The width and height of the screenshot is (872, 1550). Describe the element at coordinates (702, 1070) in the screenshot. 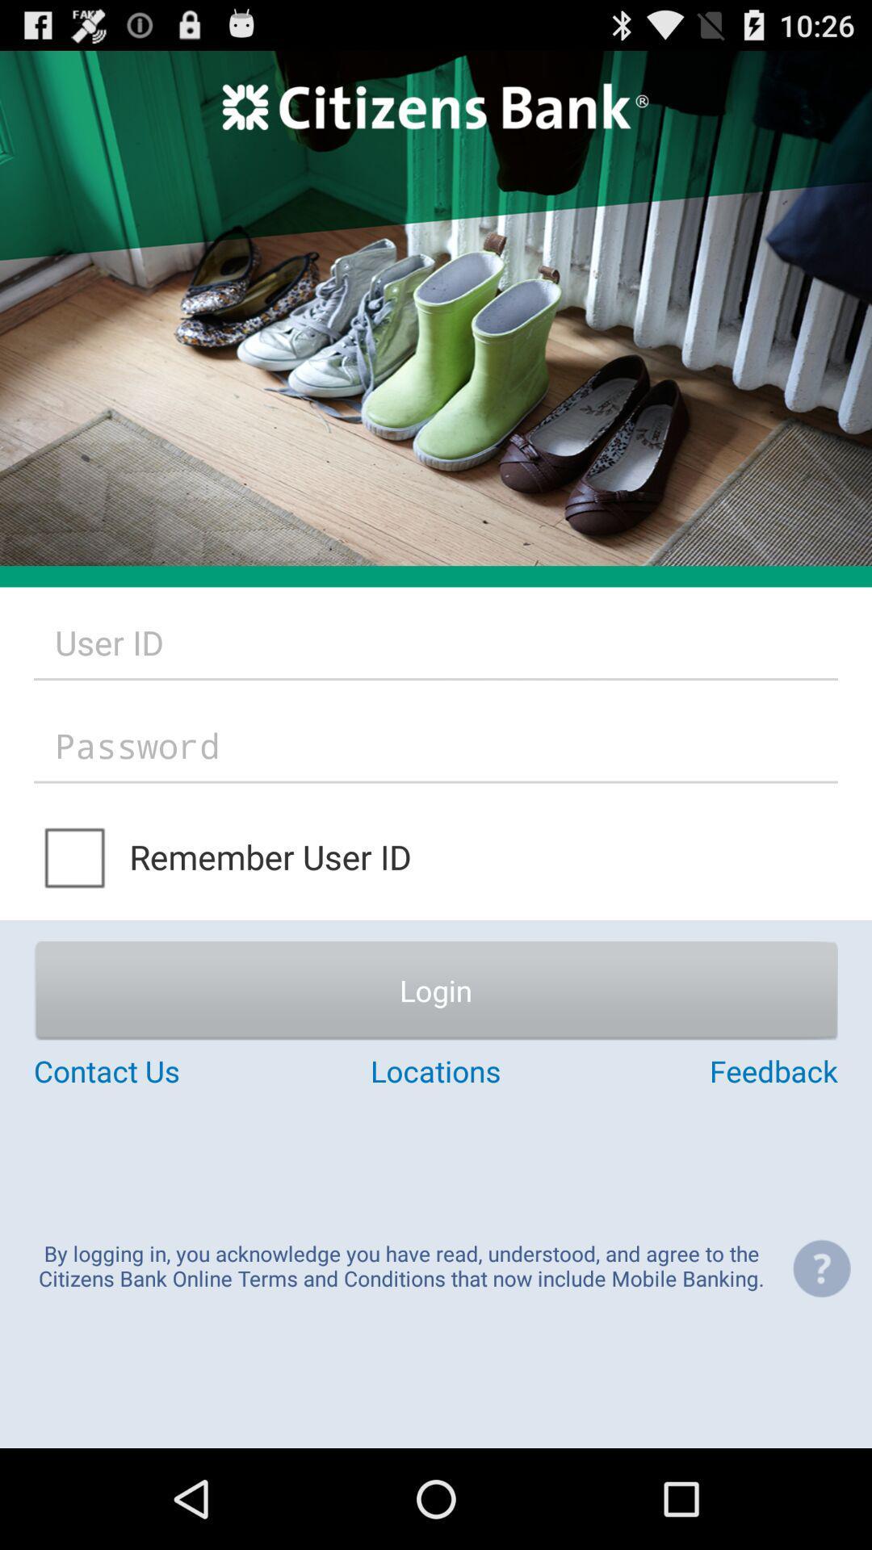

I see `feedback icon` at that location.